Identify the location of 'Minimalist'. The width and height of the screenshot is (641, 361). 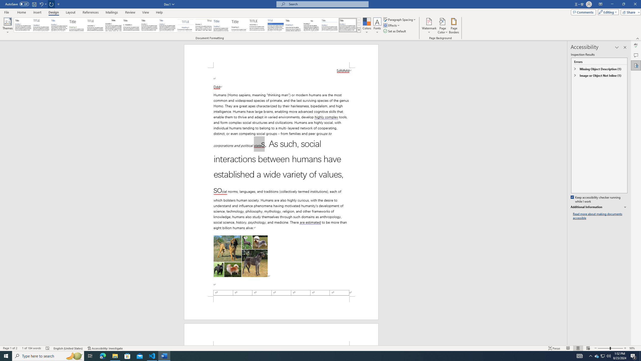
(257, 25).